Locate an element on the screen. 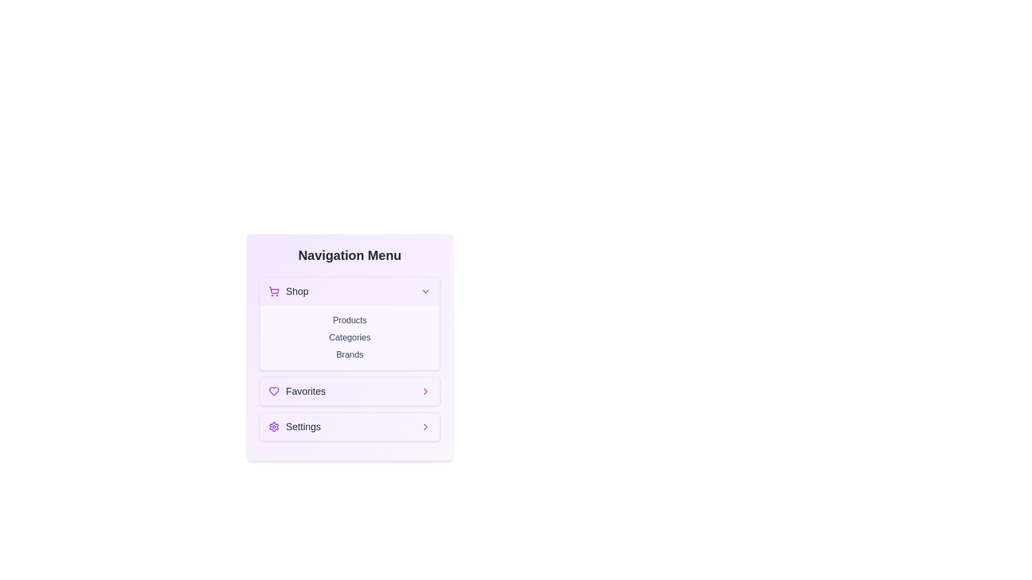 Image resolution: width=1032 pixels, height=580 pixels. the clickable text item labeled 'Brands' to change its style from gray to purple is located at coordinates (350, 354).